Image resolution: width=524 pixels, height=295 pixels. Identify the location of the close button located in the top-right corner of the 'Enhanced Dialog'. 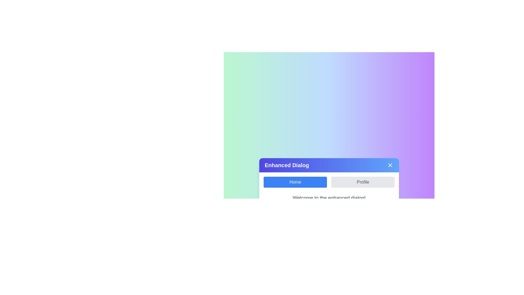
(390, 165).